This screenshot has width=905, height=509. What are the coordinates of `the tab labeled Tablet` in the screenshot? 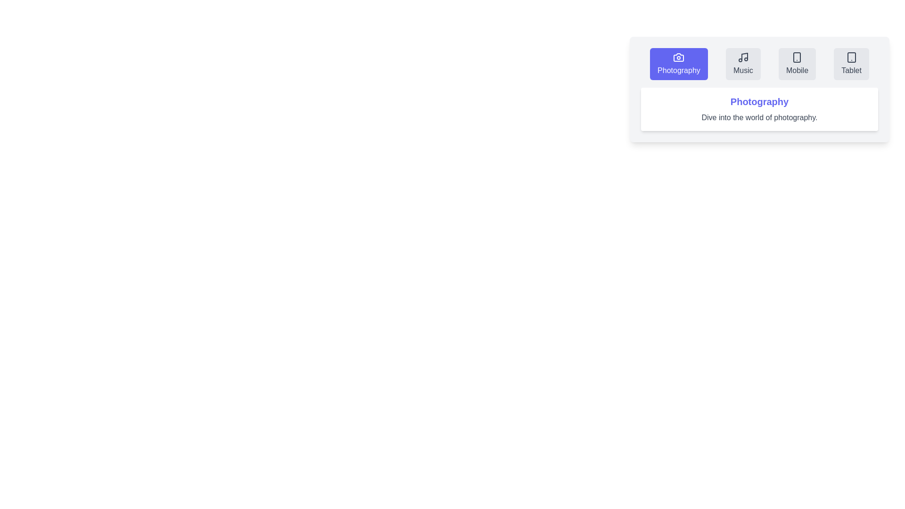 It's located at (851, 64).